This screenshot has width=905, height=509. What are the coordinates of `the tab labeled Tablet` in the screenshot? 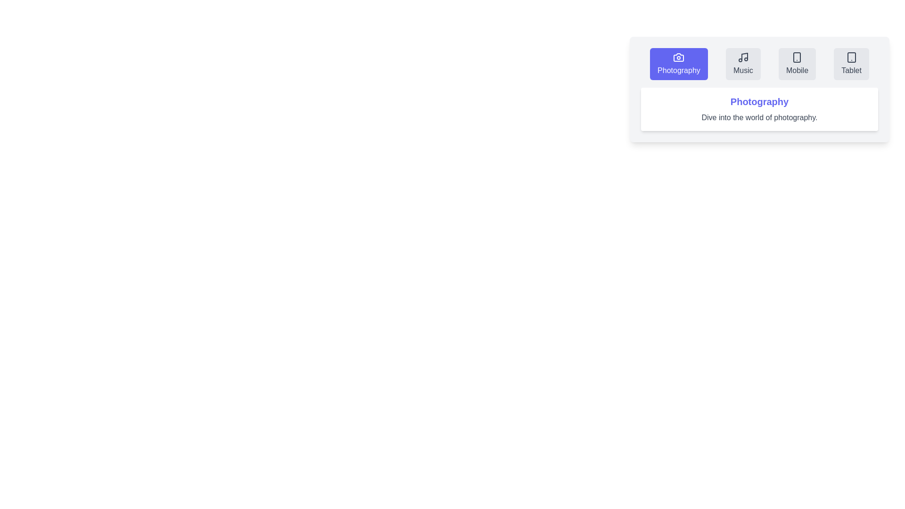 It's located at (851, 64).